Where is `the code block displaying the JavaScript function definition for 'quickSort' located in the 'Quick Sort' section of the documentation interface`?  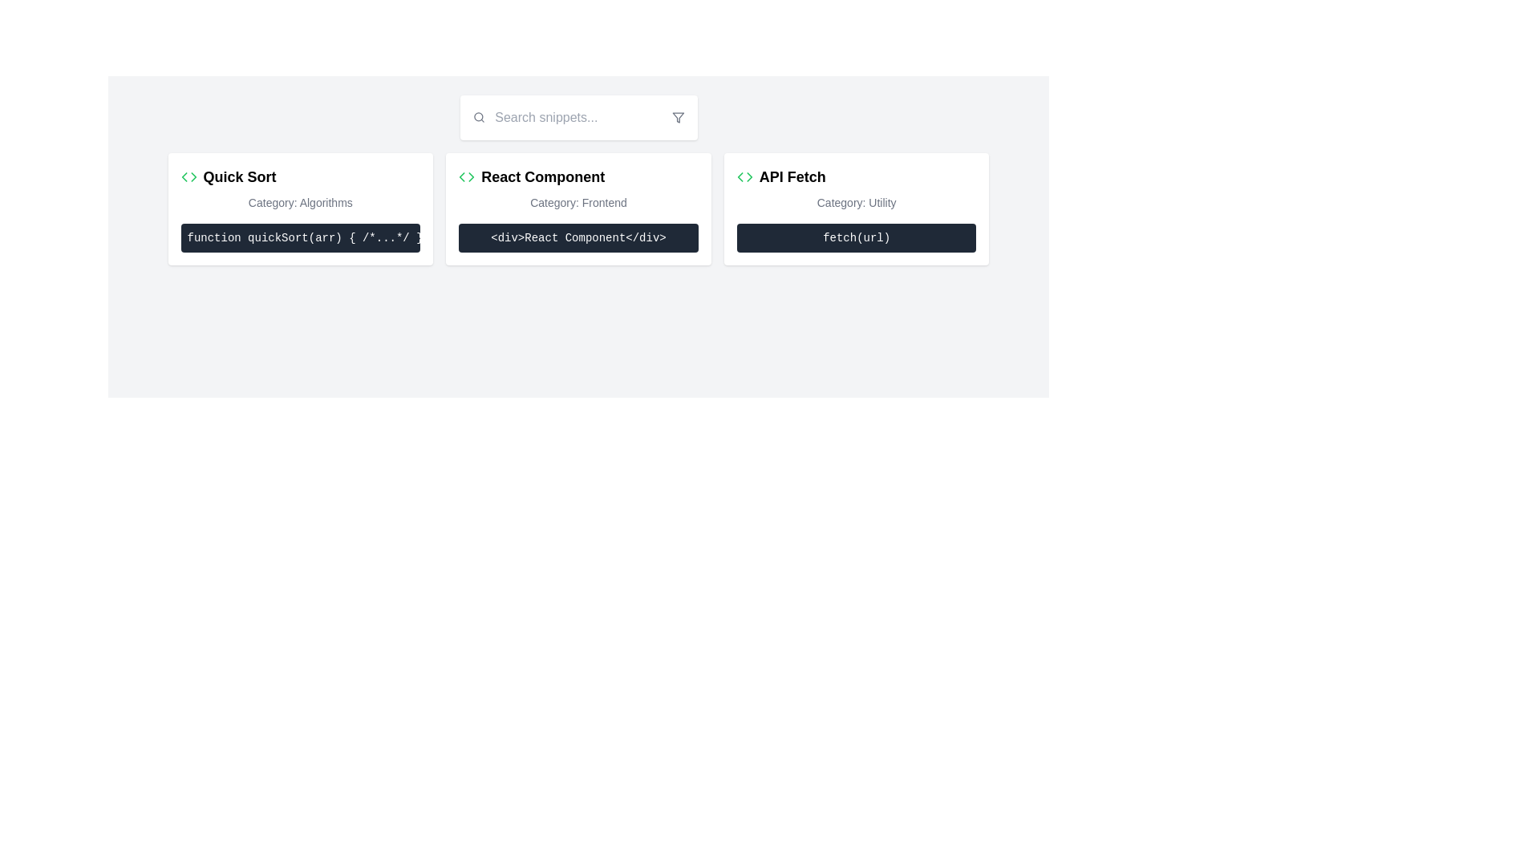
the code block displaying the JavaScript function definition for 'quickSort' located in the 'Quick Sort' section of the documentation interface is located at coordinates (300, 238).